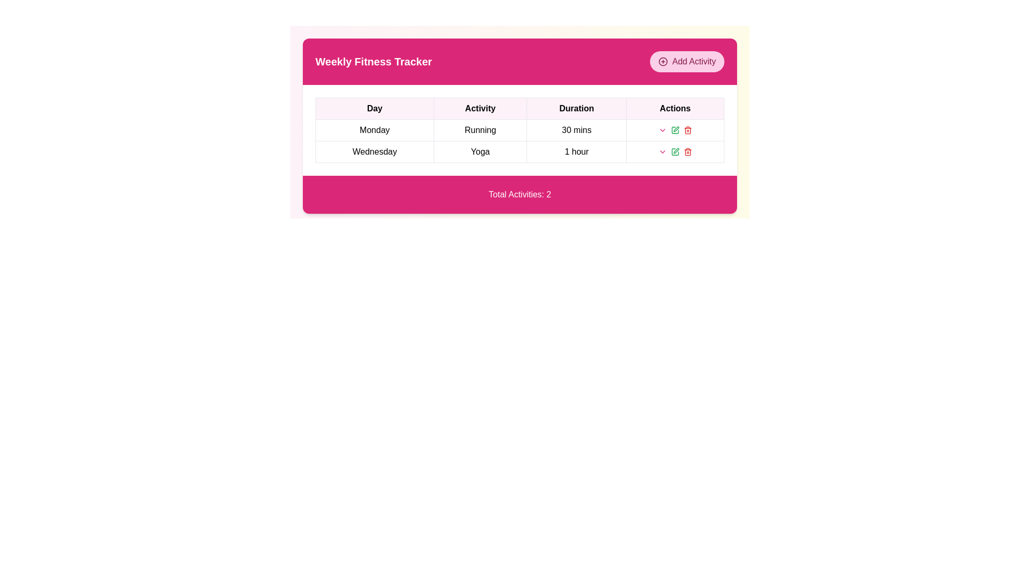 This screenshot has width=1013, height=570. Describe the element at coordinates (375, 108) in the screenshot. I see `the 'Day' text label, which is the first column header in the table, located in the top-left quadrant and preceding the 'Activity', 'Duration', and 'Actions' headers` at that location.